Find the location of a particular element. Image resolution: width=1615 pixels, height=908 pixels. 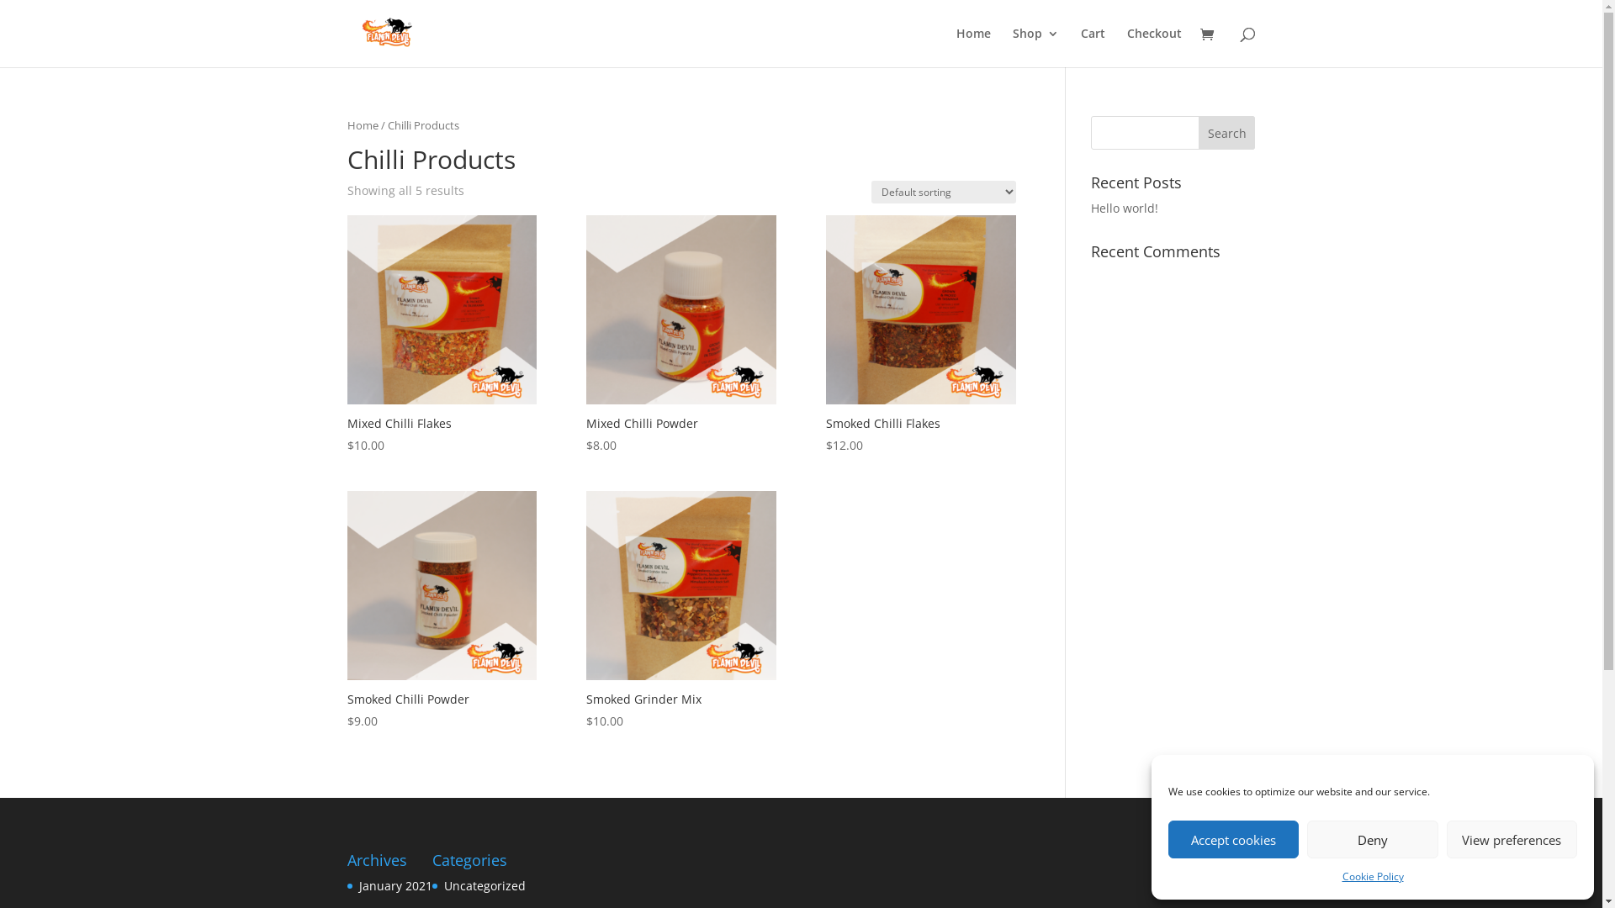

'Hello world!' is located at coordinates (1090, 207).